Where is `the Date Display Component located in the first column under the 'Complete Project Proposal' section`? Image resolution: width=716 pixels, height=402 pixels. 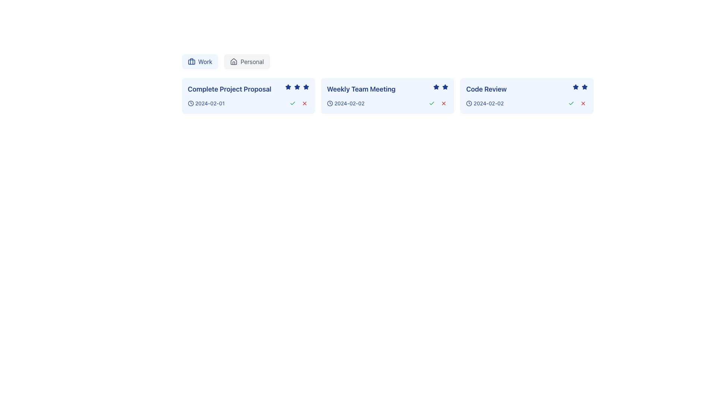
the Date Display Component located in the first column under the 'Complete Project Proposal' section is located at coordinates (206, 103).